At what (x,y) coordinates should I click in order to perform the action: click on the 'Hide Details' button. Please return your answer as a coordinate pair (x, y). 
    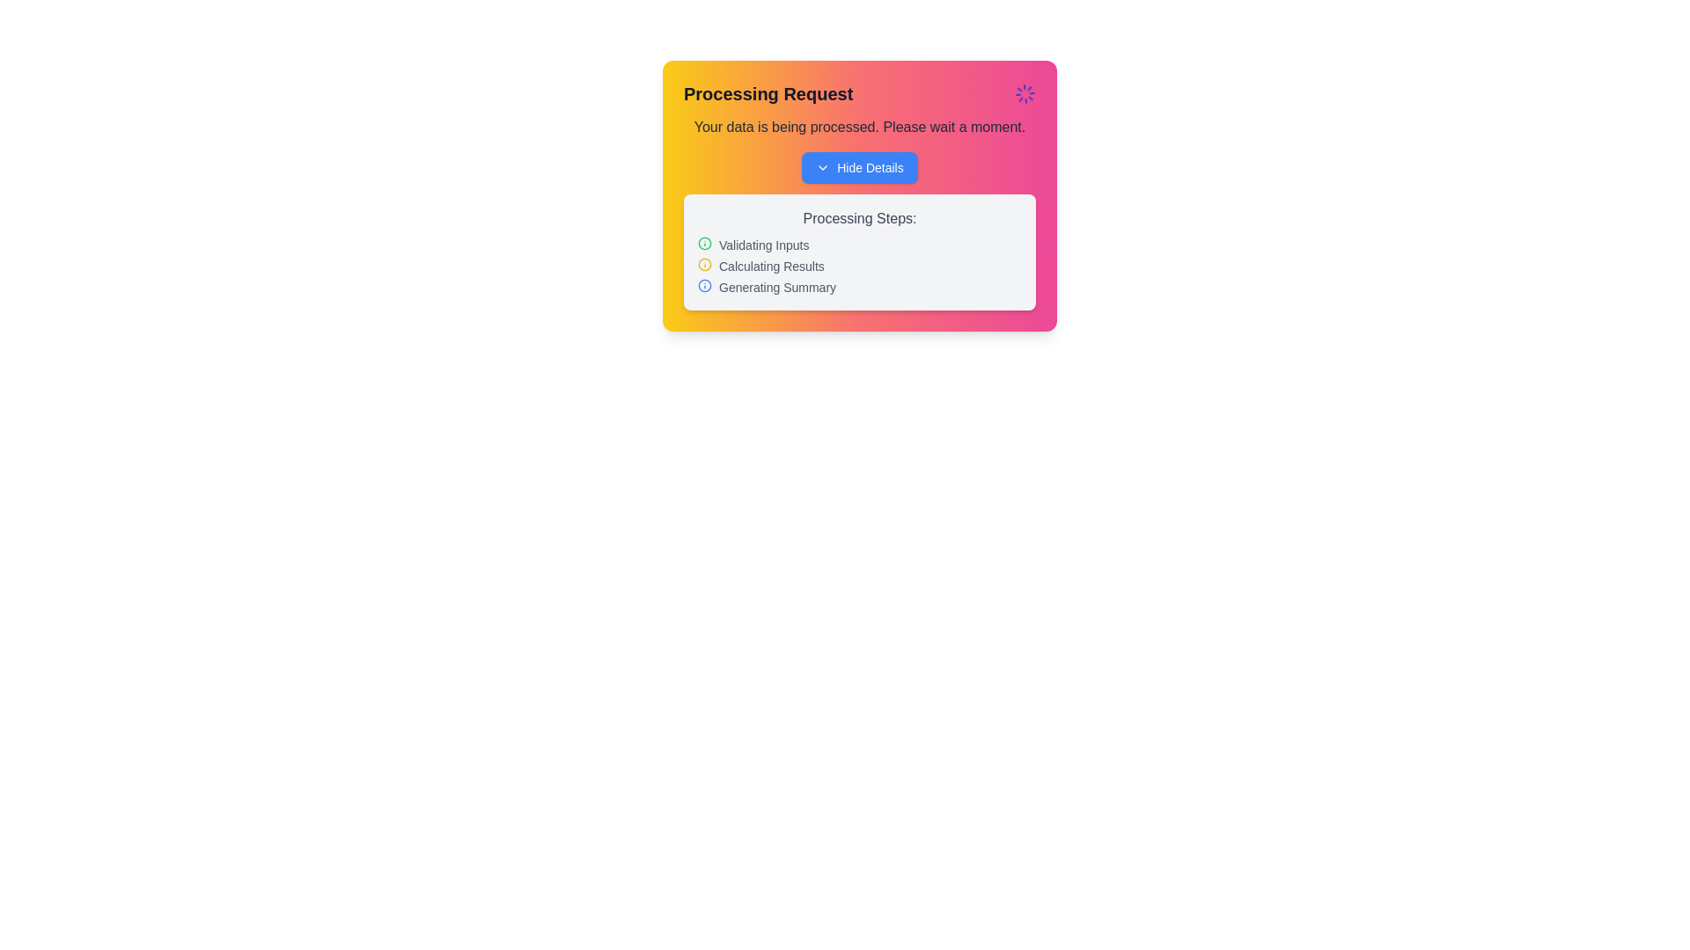
    Looking at the image, I should click on (859, 168).